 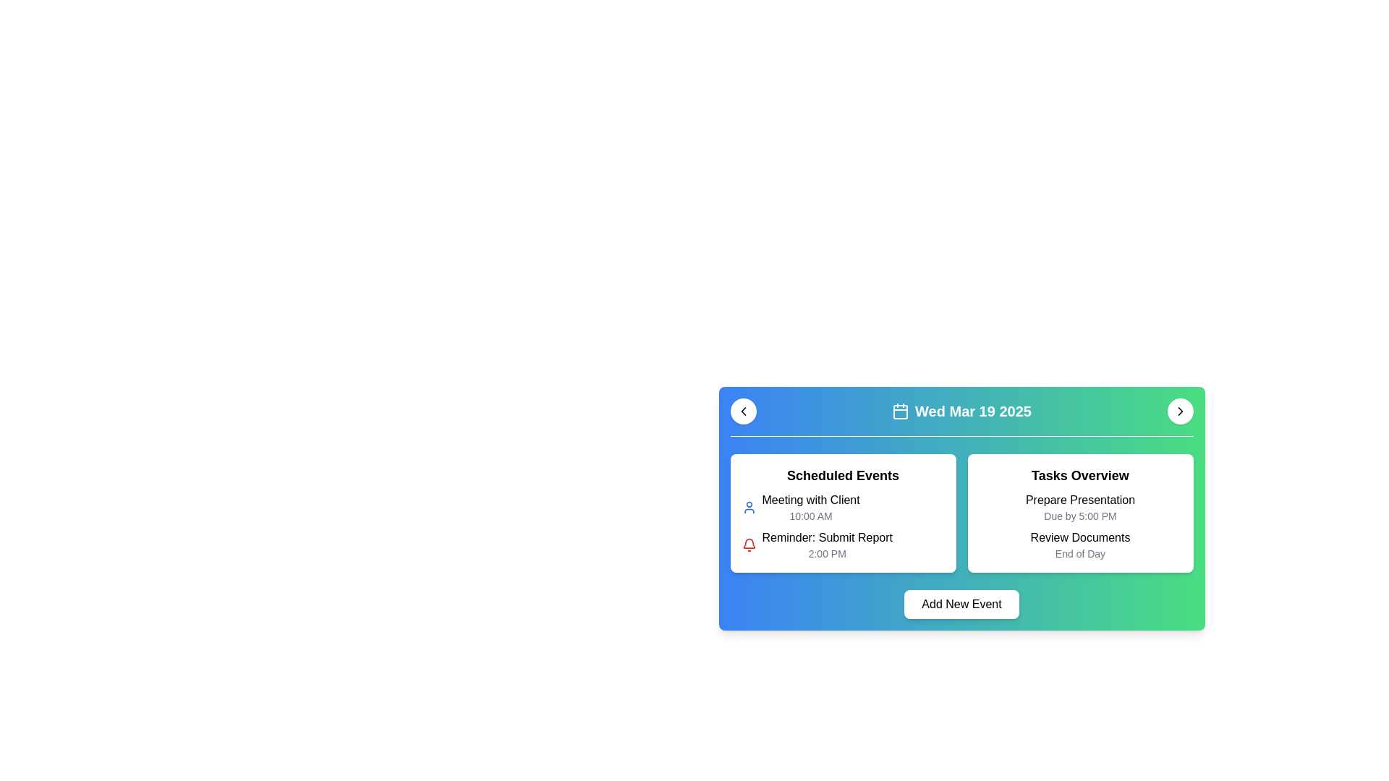 What do you see at coordinates (1080, 545) in the screenshot?
I see `the second task item in the 'Tasks Overview' labeled 'Review Documents' which is located below the title on the right card of the interface` at bounding box center [1080, 545].